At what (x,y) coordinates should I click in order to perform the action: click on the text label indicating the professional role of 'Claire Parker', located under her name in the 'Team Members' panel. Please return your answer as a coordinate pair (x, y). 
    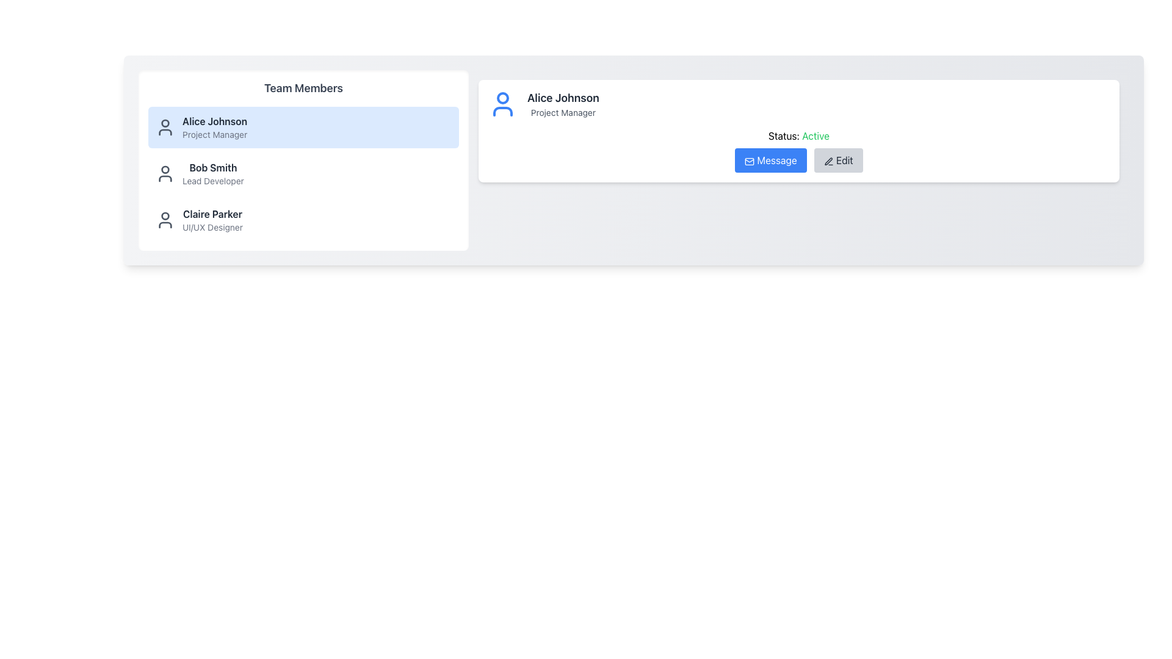
    Looking at the image, I should click on (212, 228).